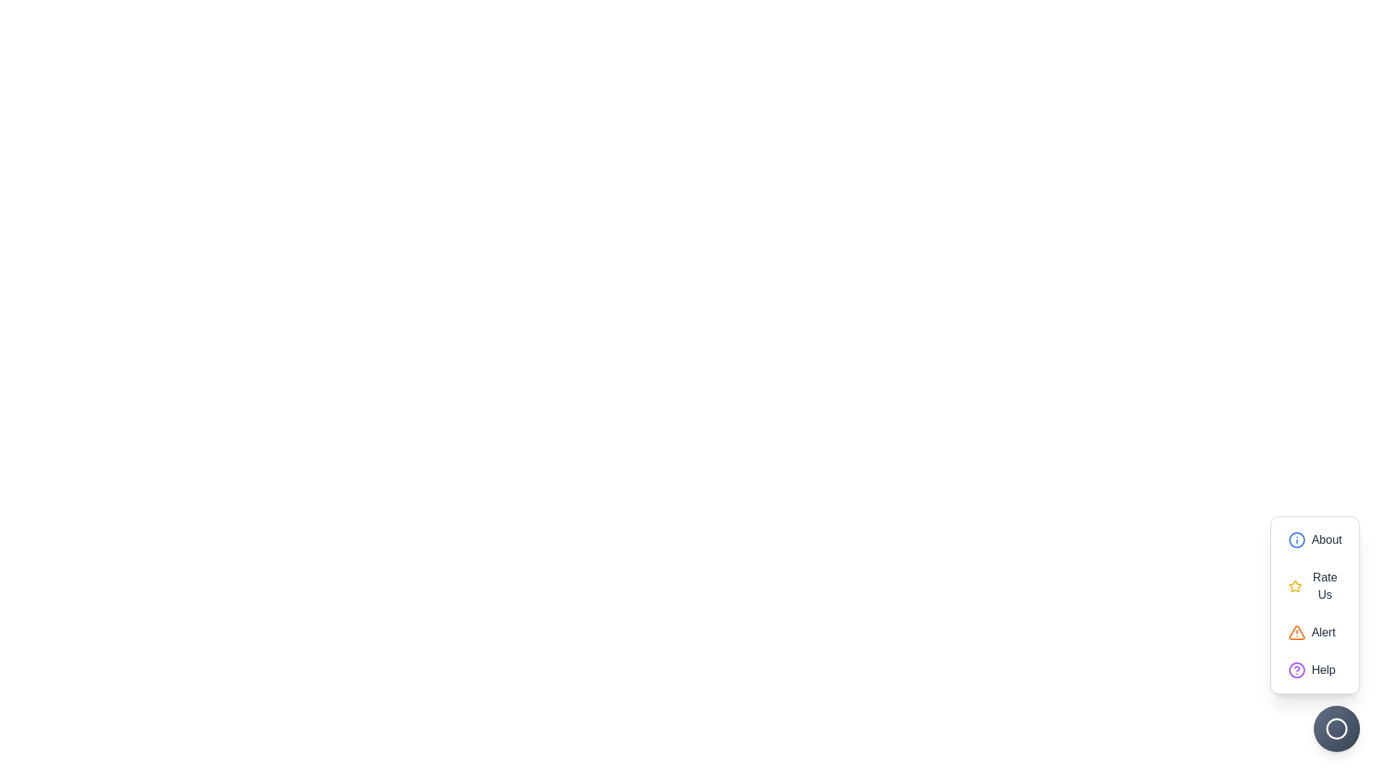 The height and width of the screenshot is (781, 1389). What do you see at coordinates (1336, 728) in the screenshot?
I see `toggle button to toggle the speed dial menu` at bounding box center [1336, 728].